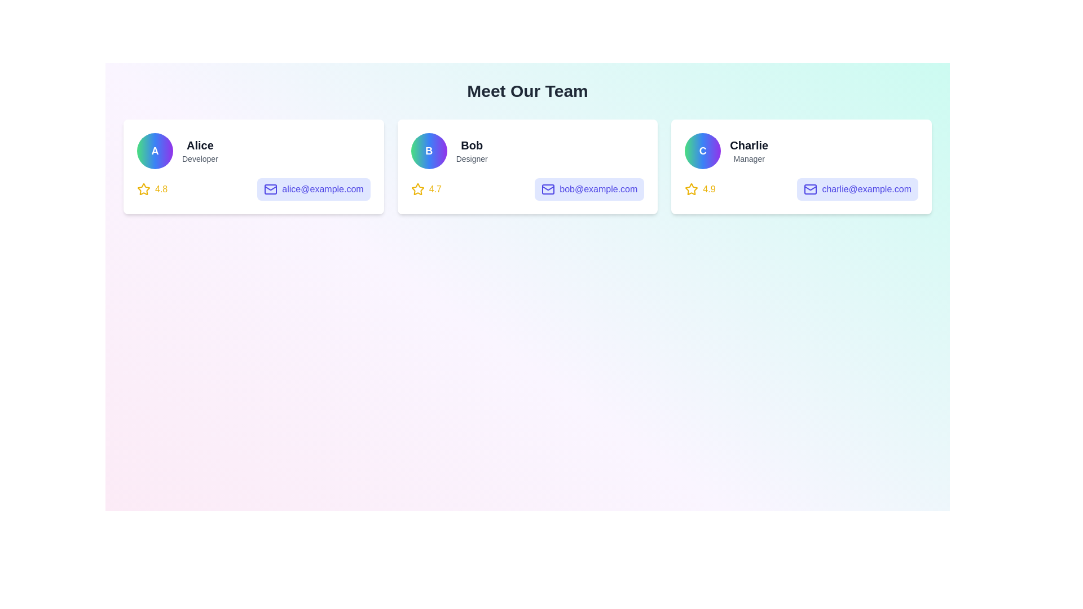  What do you see at coordinates (857, 188) in the screenshot?
I see `the contact link button for emailing Charlie, located in the bottom-right corner of the third card from the left in a horizontal card layout` at bounding box center [857, 188].